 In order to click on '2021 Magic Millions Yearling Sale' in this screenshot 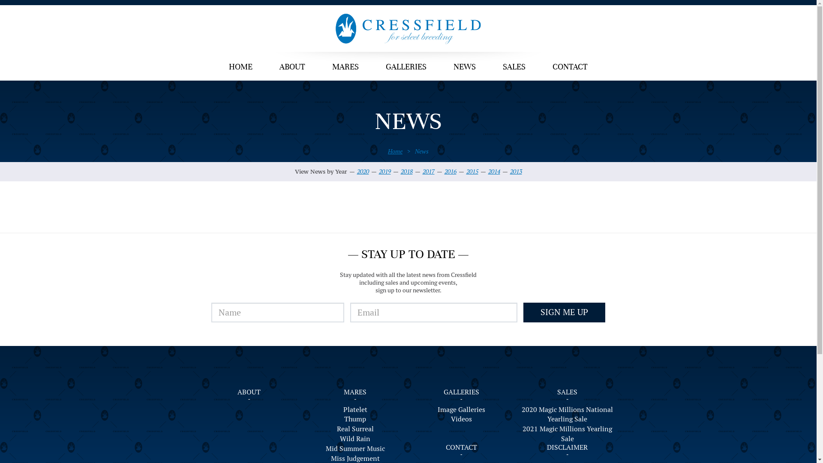, I will do `click(520, 434)`.